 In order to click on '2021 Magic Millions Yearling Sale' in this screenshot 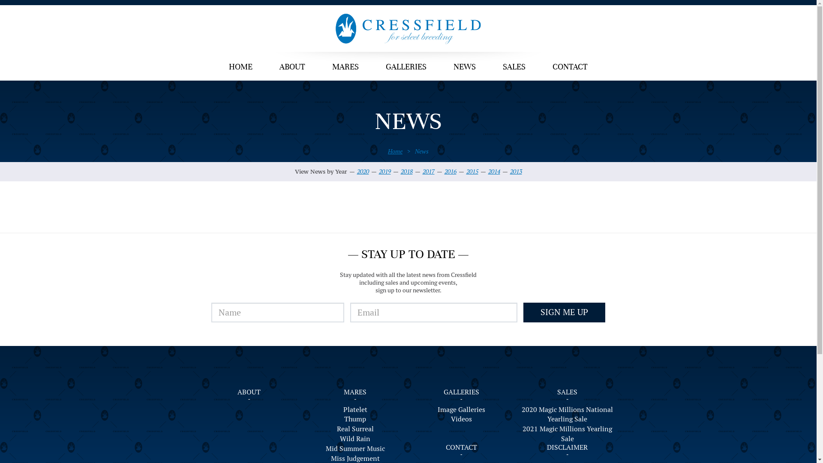, I will do `click(520, 434)`.